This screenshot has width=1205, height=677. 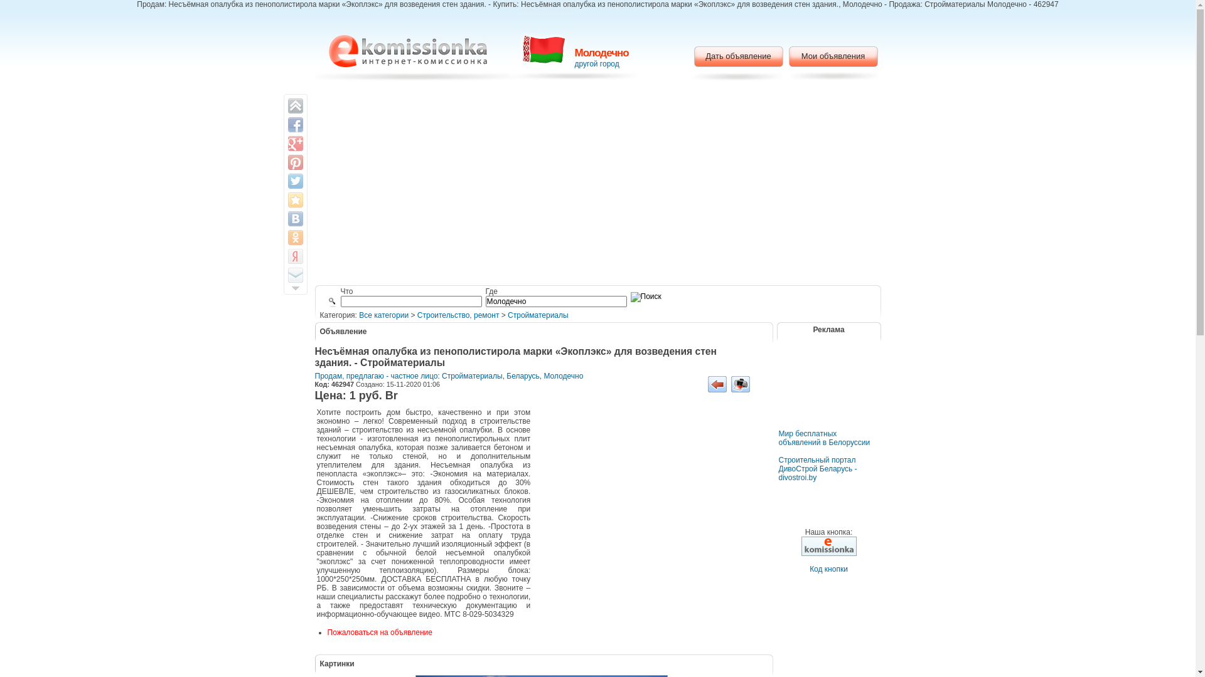 I want to click on 'Save to Yandex Bookmarks', so click(x=294, y=255).